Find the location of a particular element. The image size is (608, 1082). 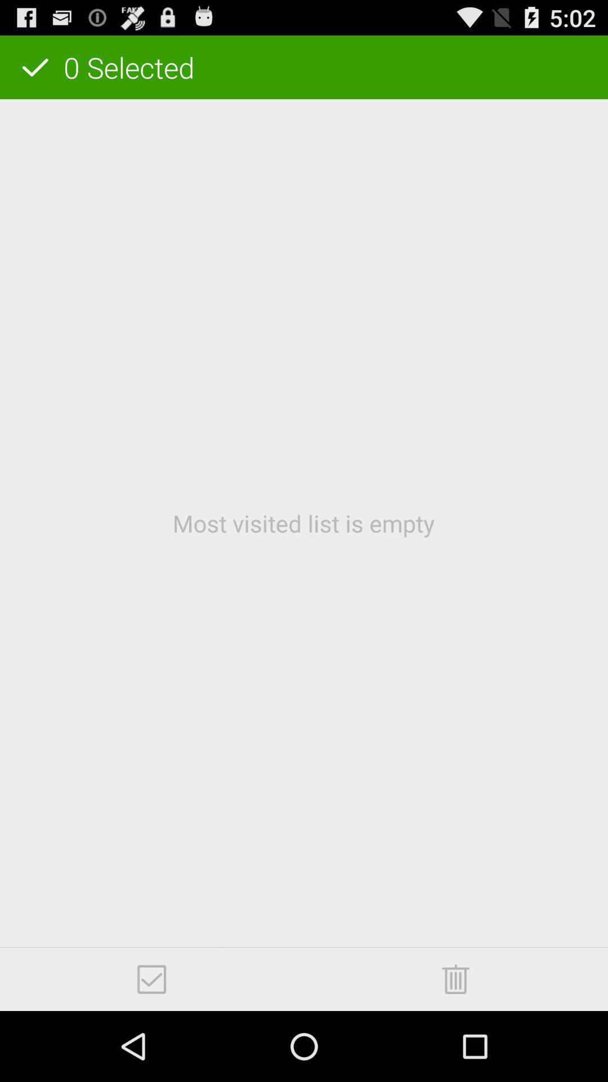

icon at the bottom left corner is located at coordinates (151, 979).